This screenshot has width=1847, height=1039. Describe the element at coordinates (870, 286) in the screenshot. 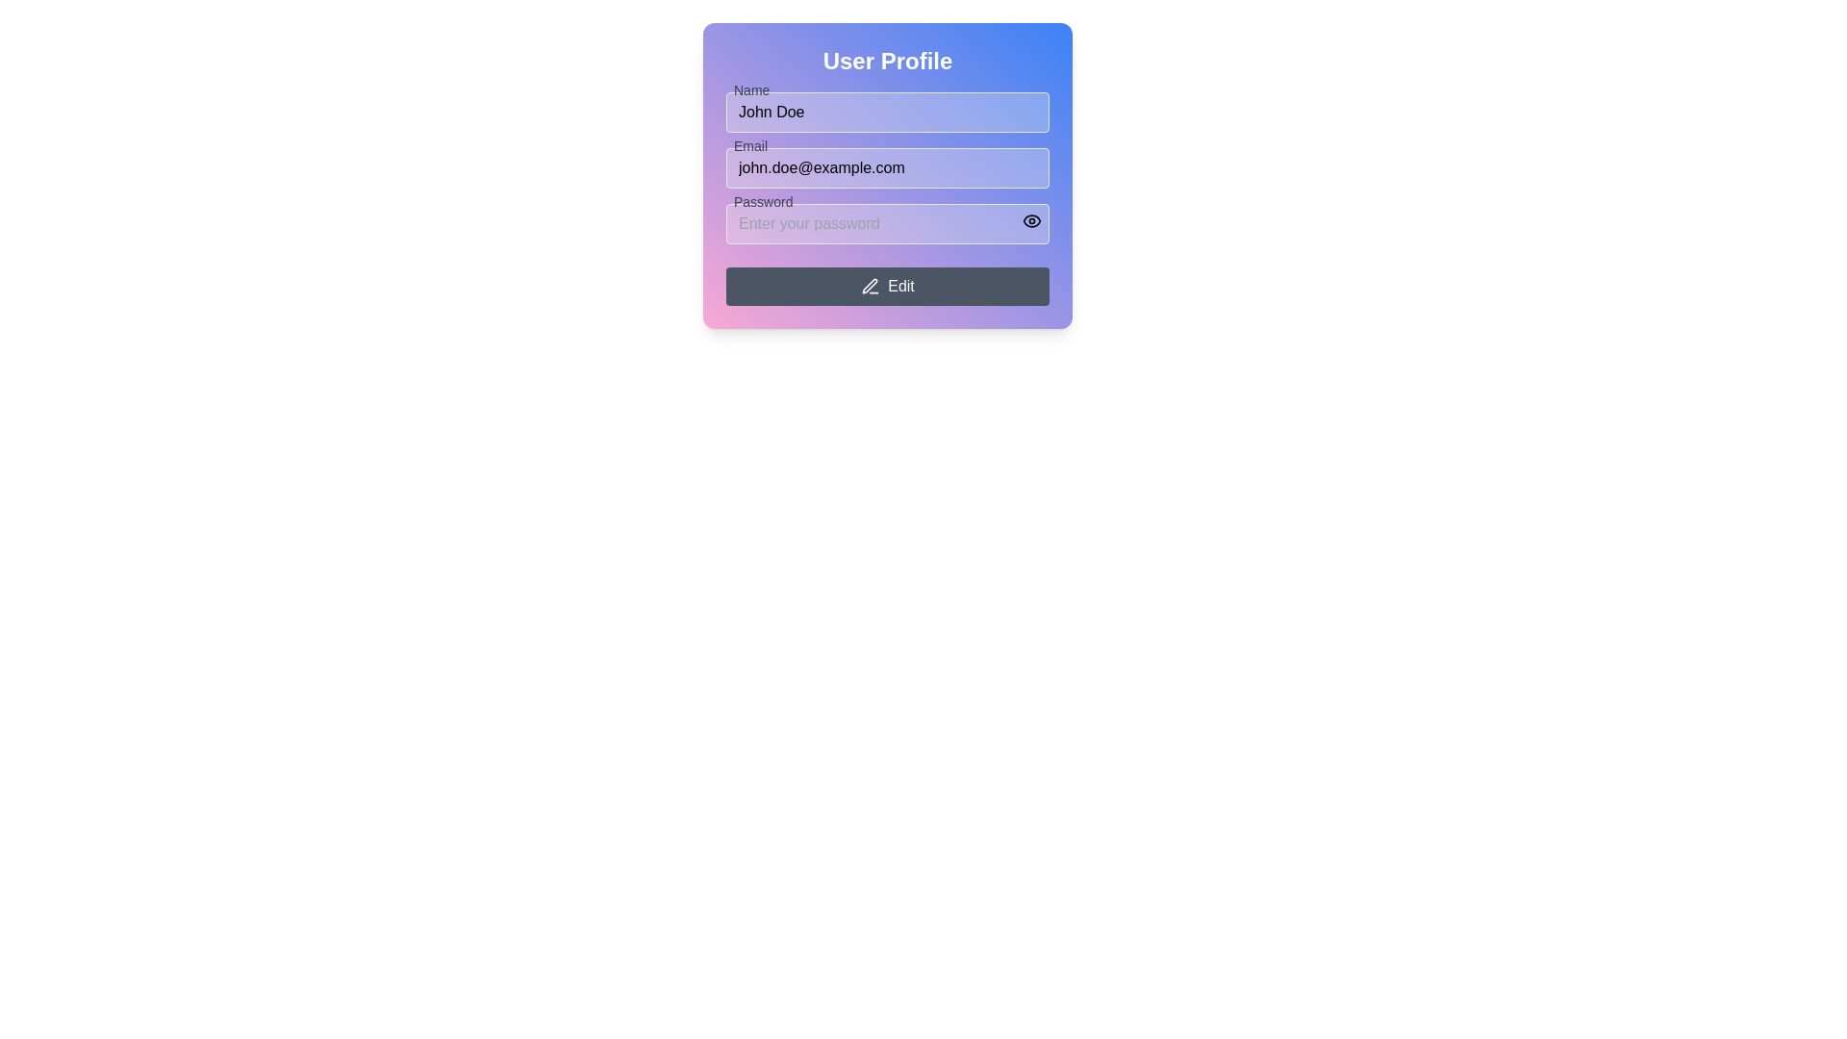

I see `the 'Edit' button which contains a small white pen icon on a dark gray background, positioned to the left of the 'Edit' text` at that location.